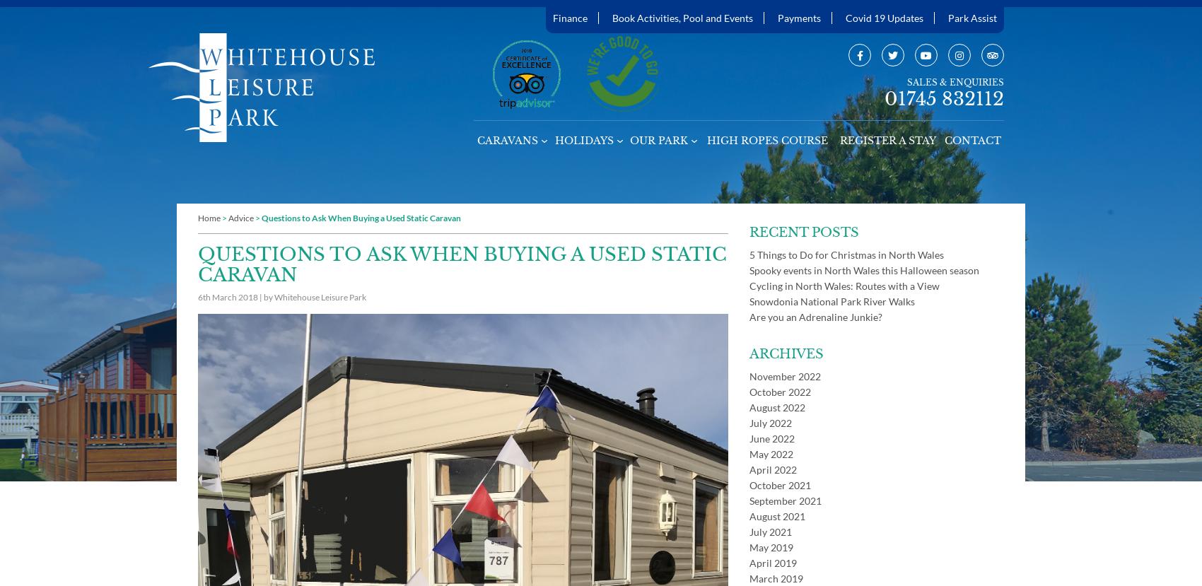 Image resolution: width=1202 pixels, height=586 pixels. What do you see at coordinates (281, 296) in the screenshot?
I see `'6th March 2018 | by Whitehouse Leisure Park'` at bounding box center [281, 296].